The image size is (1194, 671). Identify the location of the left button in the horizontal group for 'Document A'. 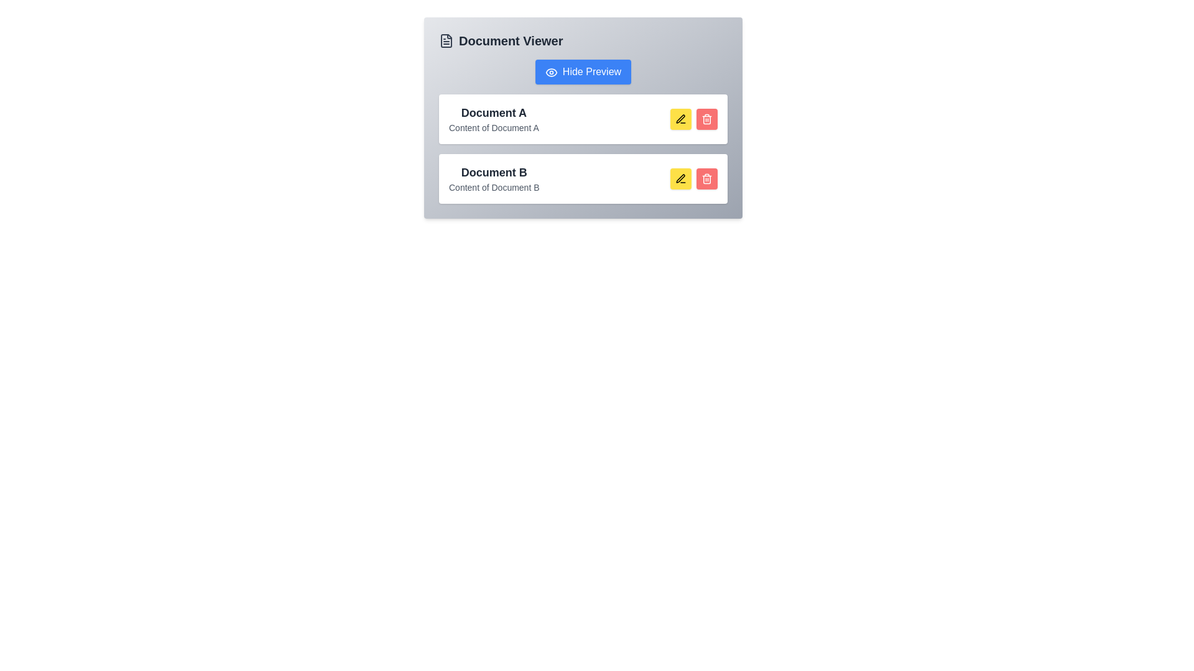
(680, 119).